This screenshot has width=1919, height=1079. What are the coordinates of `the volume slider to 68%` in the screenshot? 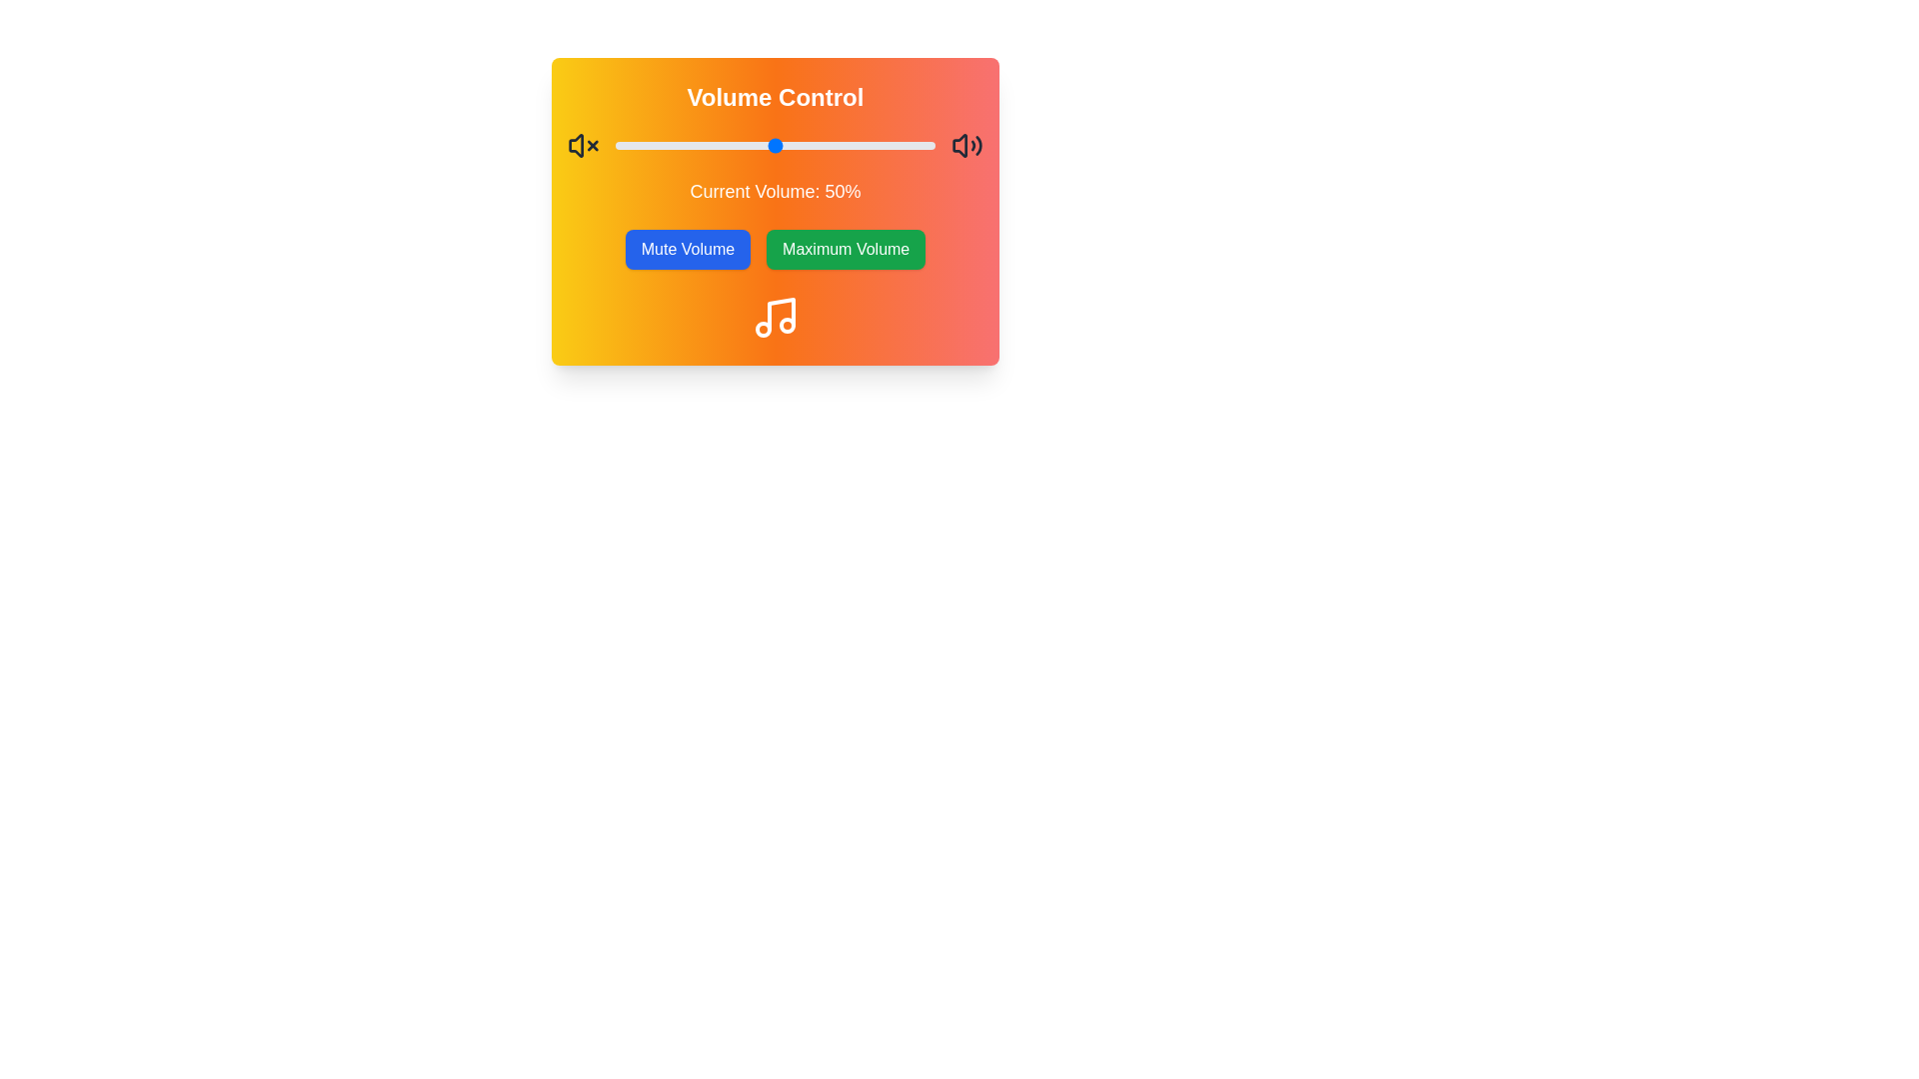 It's located at (833, 145).